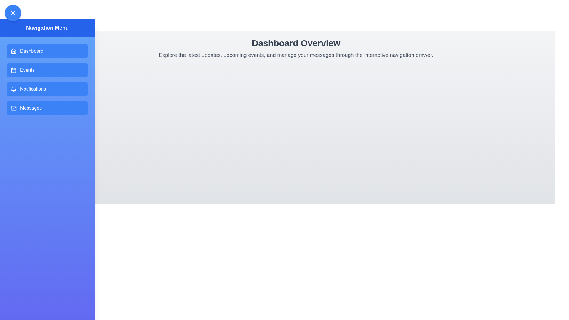 The height and width of the screenshot is (320, 569). I want to click on the navigation menu item Events, so click(47, 70).